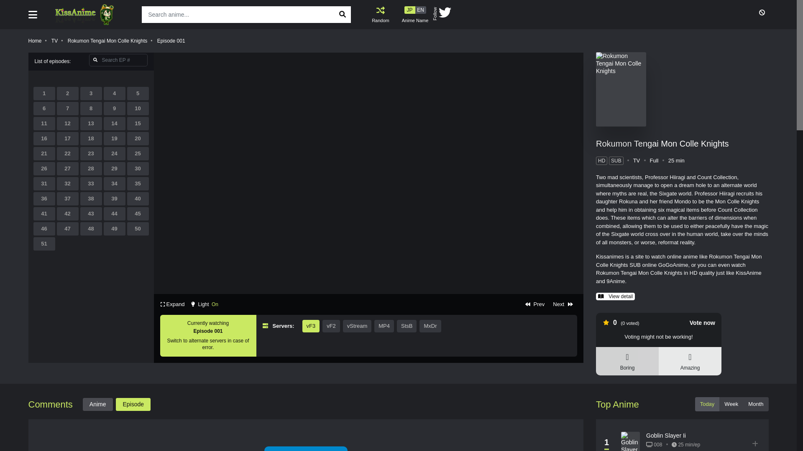  Describe the element at coordinates (743, 404) in the screenshot. I see `'Month'` at that location.